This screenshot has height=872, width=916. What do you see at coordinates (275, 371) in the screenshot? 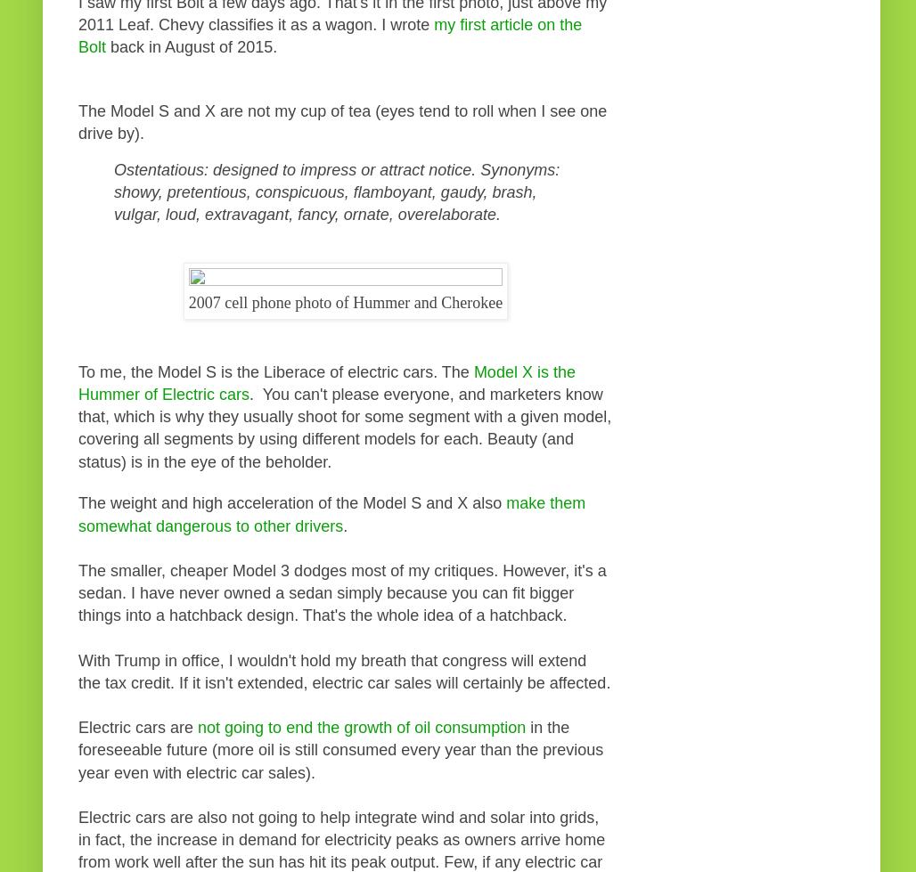
I see `'To me, the Model S is the Liberace of electric cars. The'` at bounding box center [275, 371].